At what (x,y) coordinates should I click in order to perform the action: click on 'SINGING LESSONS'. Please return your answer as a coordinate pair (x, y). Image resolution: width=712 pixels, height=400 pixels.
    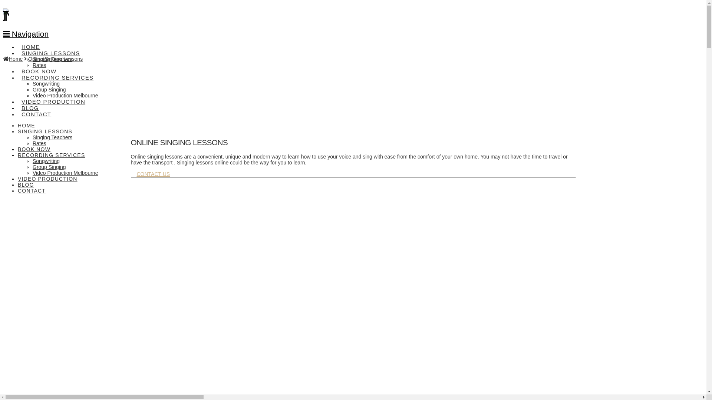
    Looking at the image, I should click on (50, 48).